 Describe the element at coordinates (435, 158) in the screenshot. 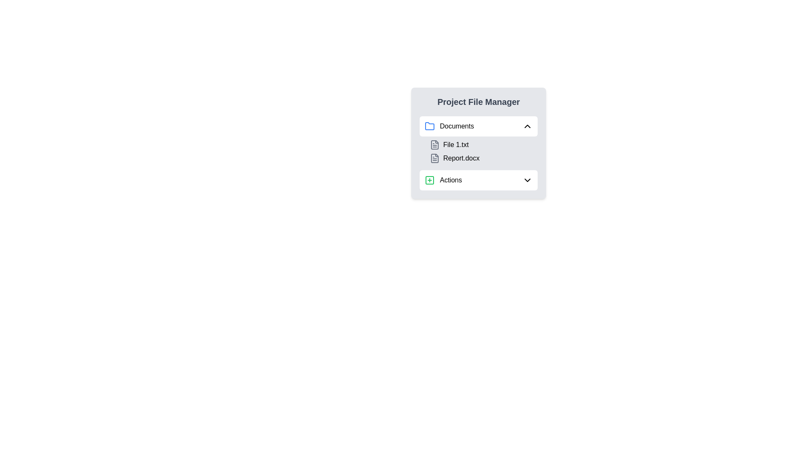

I see `the appearance of the file icon, which resembles a document with a folded corner, located to the left of the text 'Report.docx'` at that location.